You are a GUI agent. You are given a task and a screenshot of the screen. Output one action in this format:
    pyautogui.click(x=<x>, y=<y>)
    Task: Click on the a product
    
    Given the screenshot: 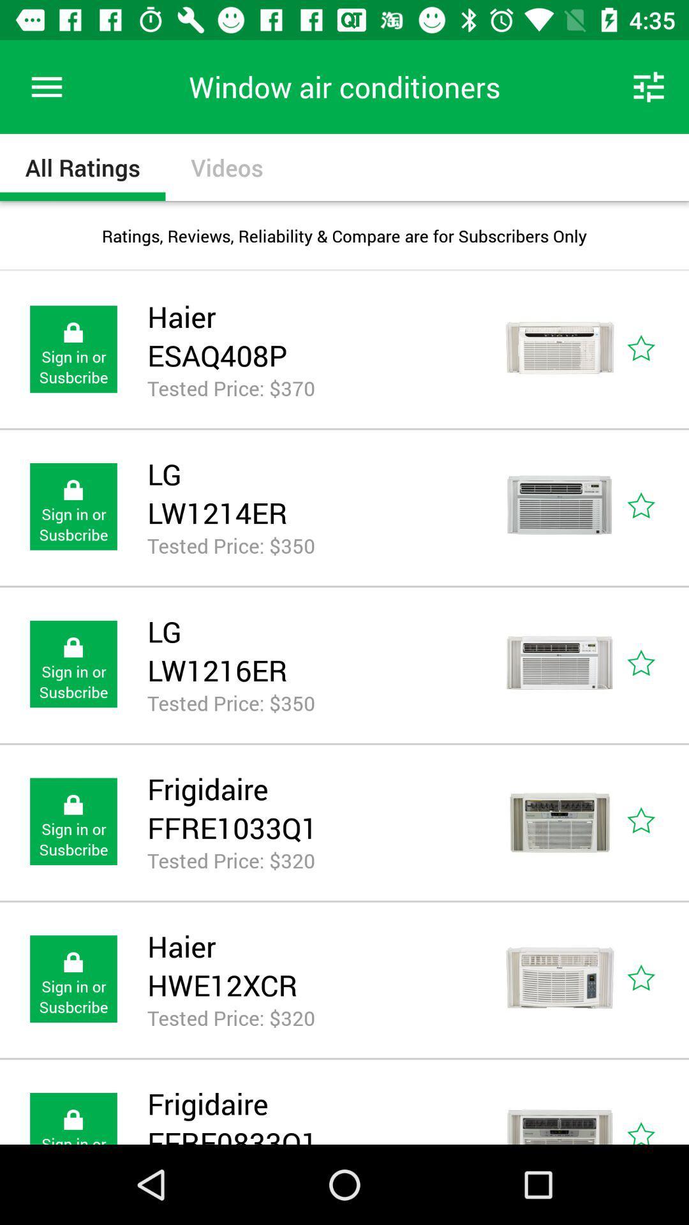 What is the action you would take?
    pyautogui.click(x=655, y=664)
    